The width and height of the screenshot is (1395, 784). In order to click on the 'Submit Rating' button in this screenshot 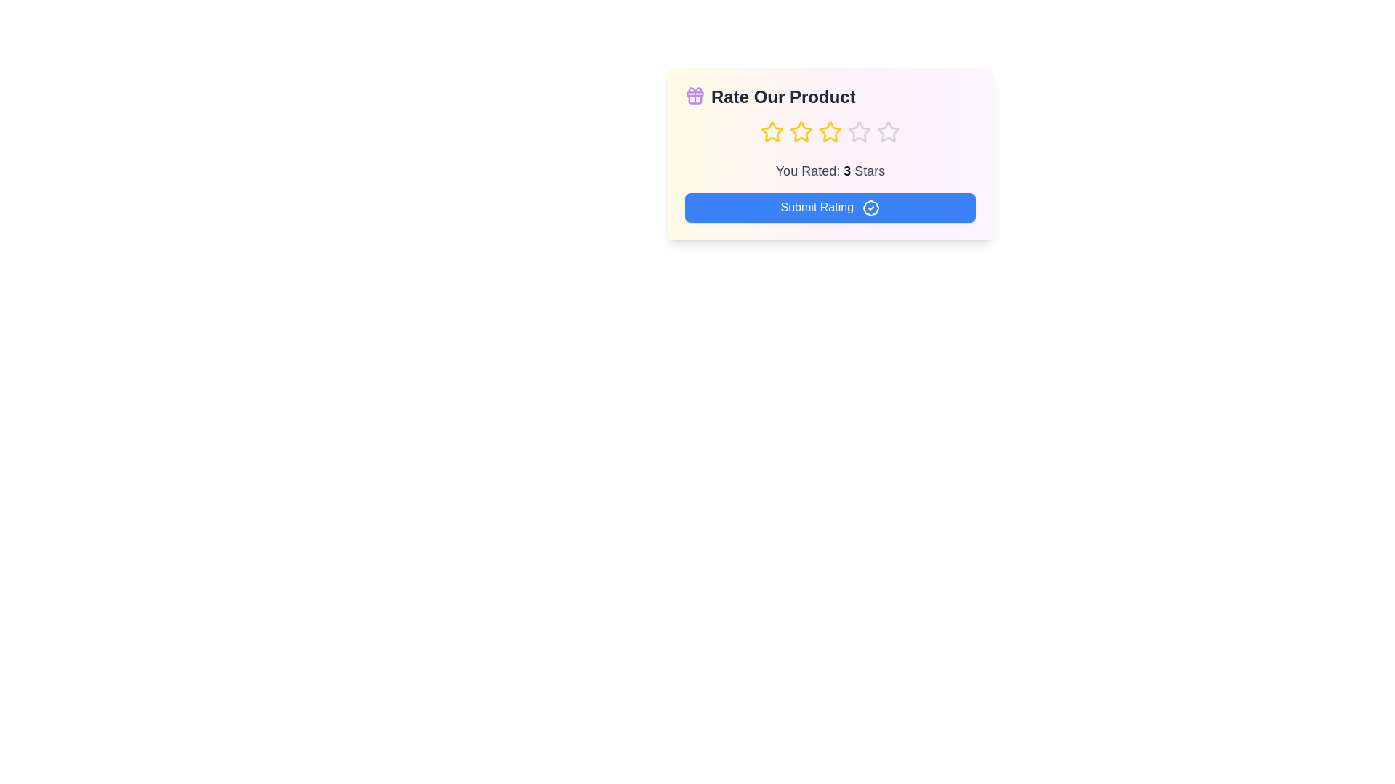, I will do `click(830, 207)`.